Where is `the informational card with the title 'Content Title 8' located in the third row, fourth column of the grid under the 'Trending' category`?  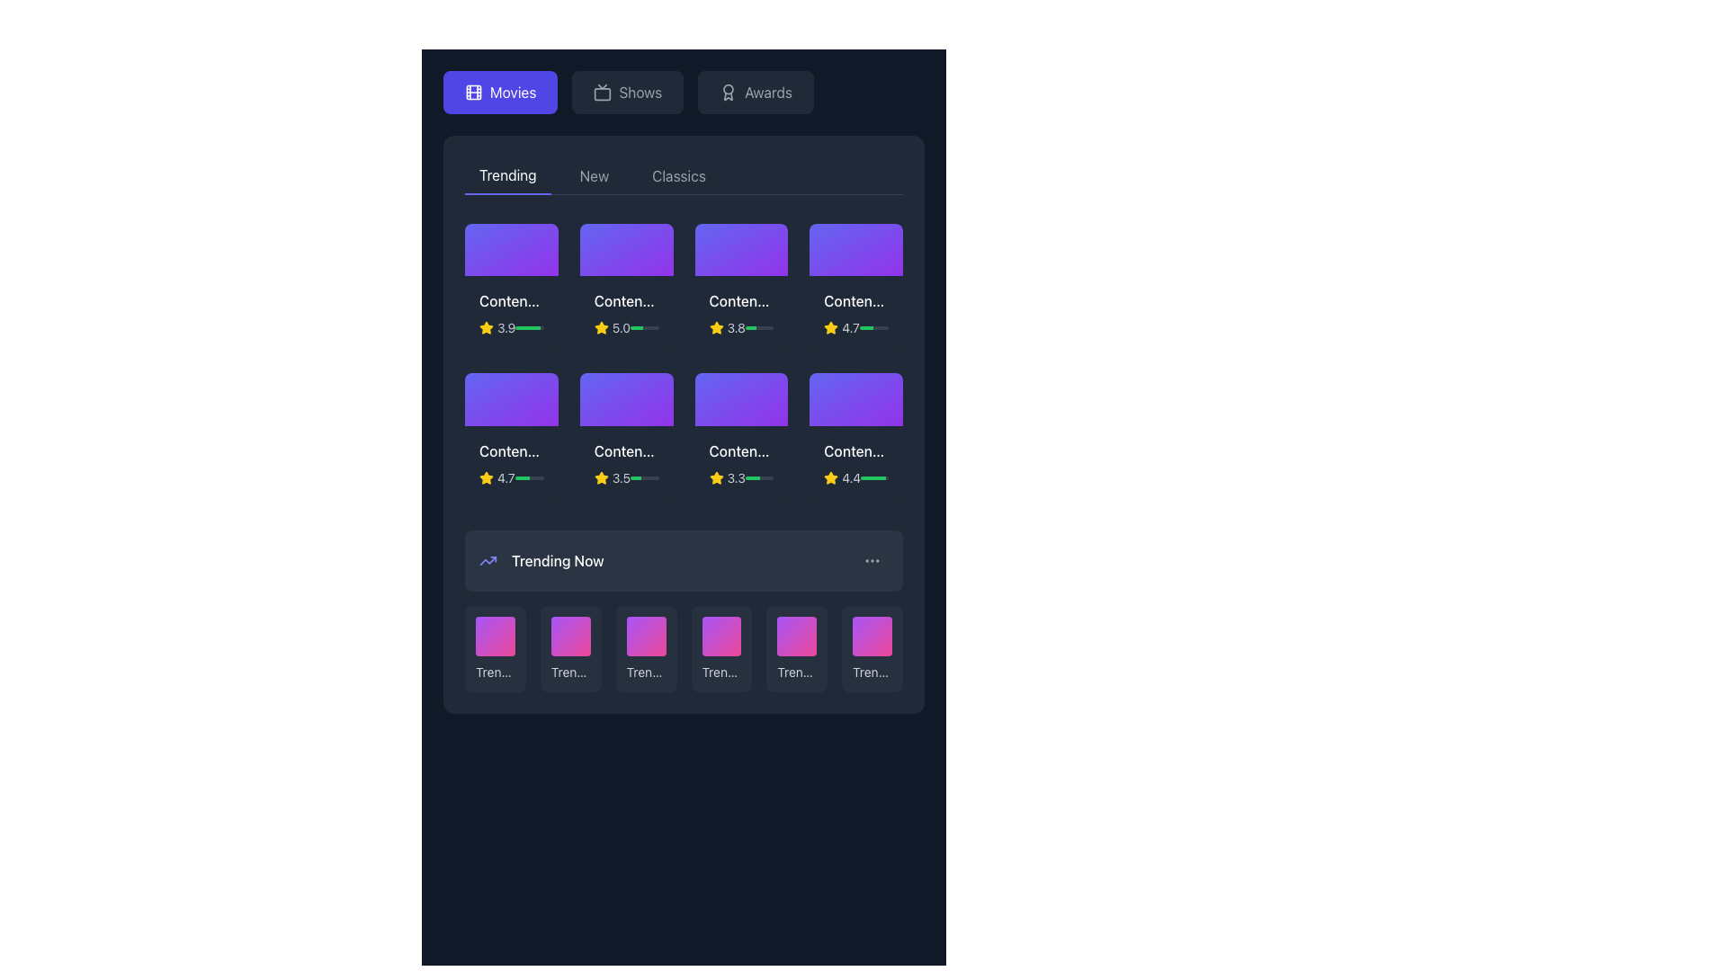
the informational card with the title 'Content Title 8' located in the third row, fourth column of the grid under the 'Trending' category is located at coordinates (855, 462).